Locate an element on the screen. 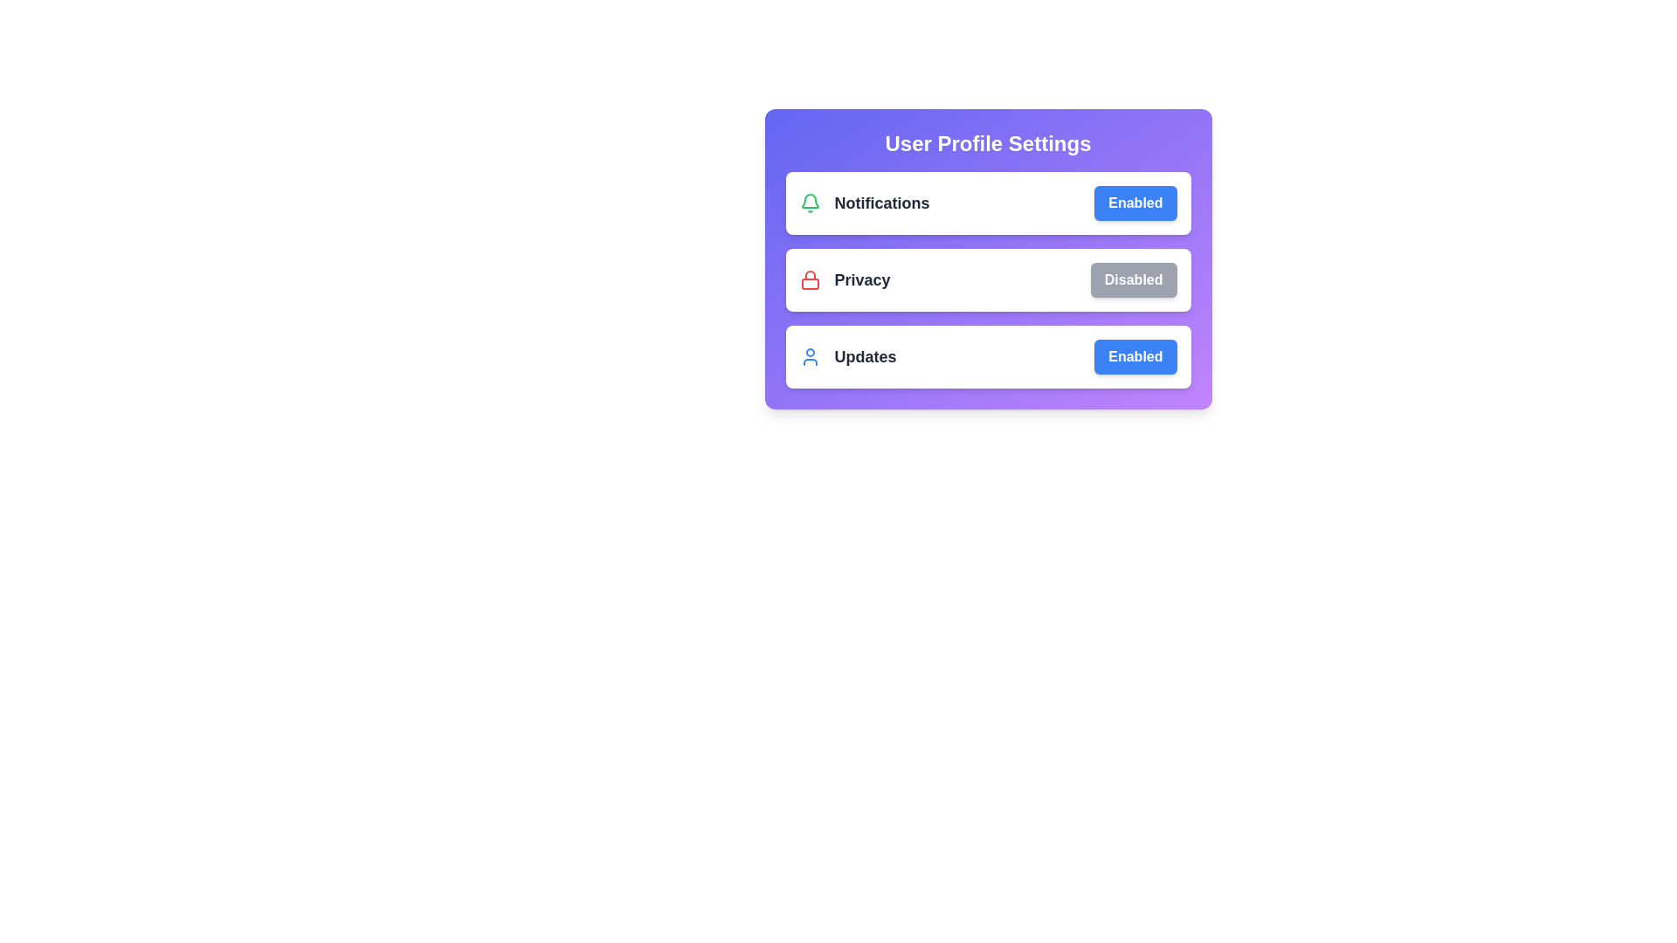 The width and height of the screenshot is (1677, 943). the 'Enabled' button for the notifications setting to toggle its state is located at coordinates (1135, 202).